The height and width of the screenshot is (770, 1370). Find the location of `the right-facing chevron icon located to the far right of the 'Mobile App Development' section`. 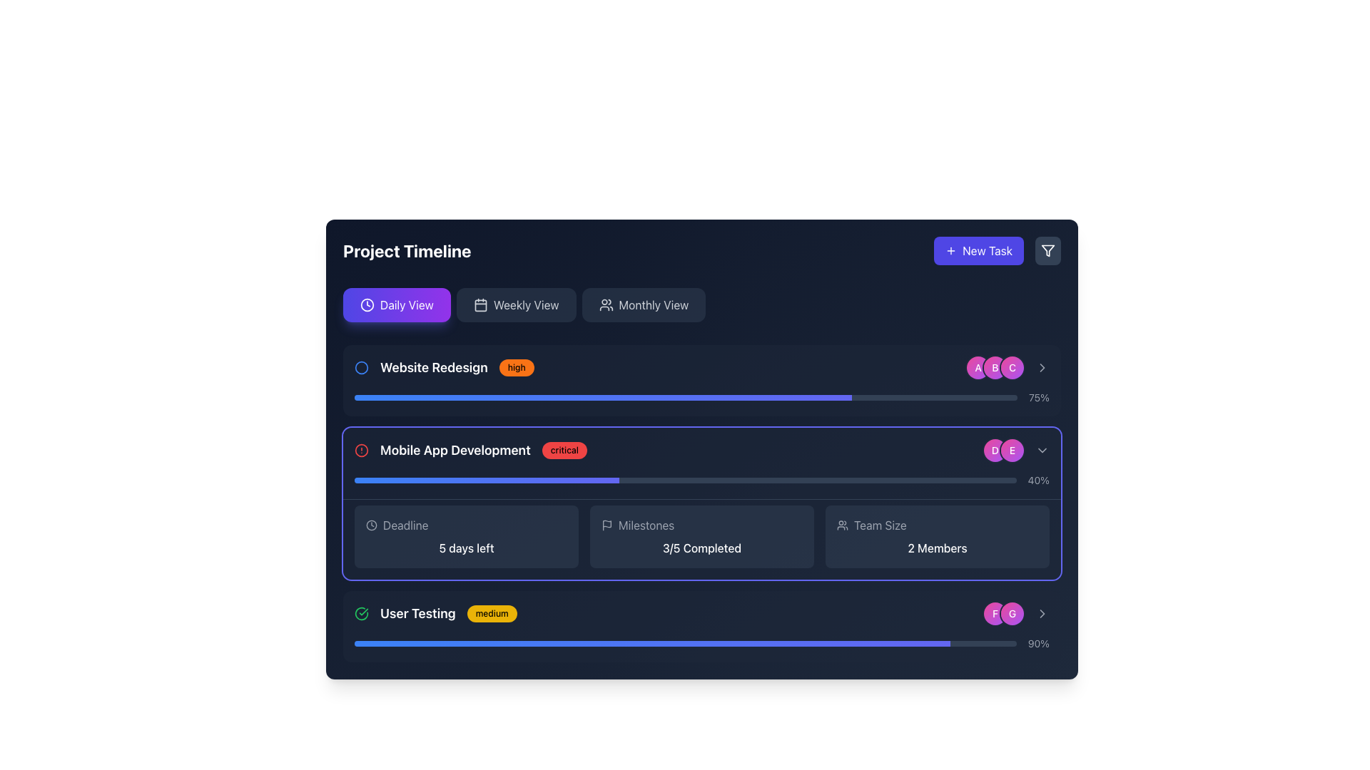

the right-facing chevron icon located to the far right of the 'Mobile App Development' section is located at coordinates (1042, 612).